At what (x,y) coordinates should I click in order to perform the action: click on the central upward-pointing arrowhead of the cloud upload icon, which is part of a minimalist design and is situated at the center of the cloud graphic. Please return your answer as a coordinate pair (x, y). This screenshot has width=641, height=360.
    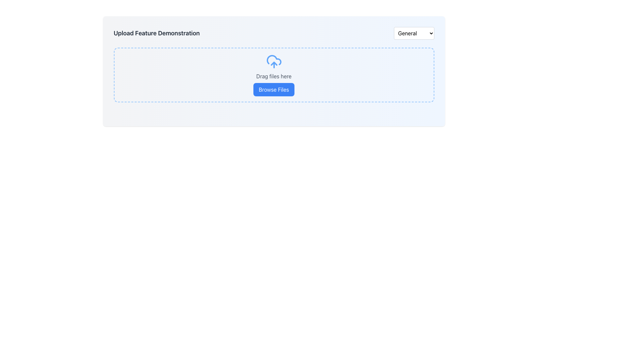
    Looking at the image, I should click on (274, 64).